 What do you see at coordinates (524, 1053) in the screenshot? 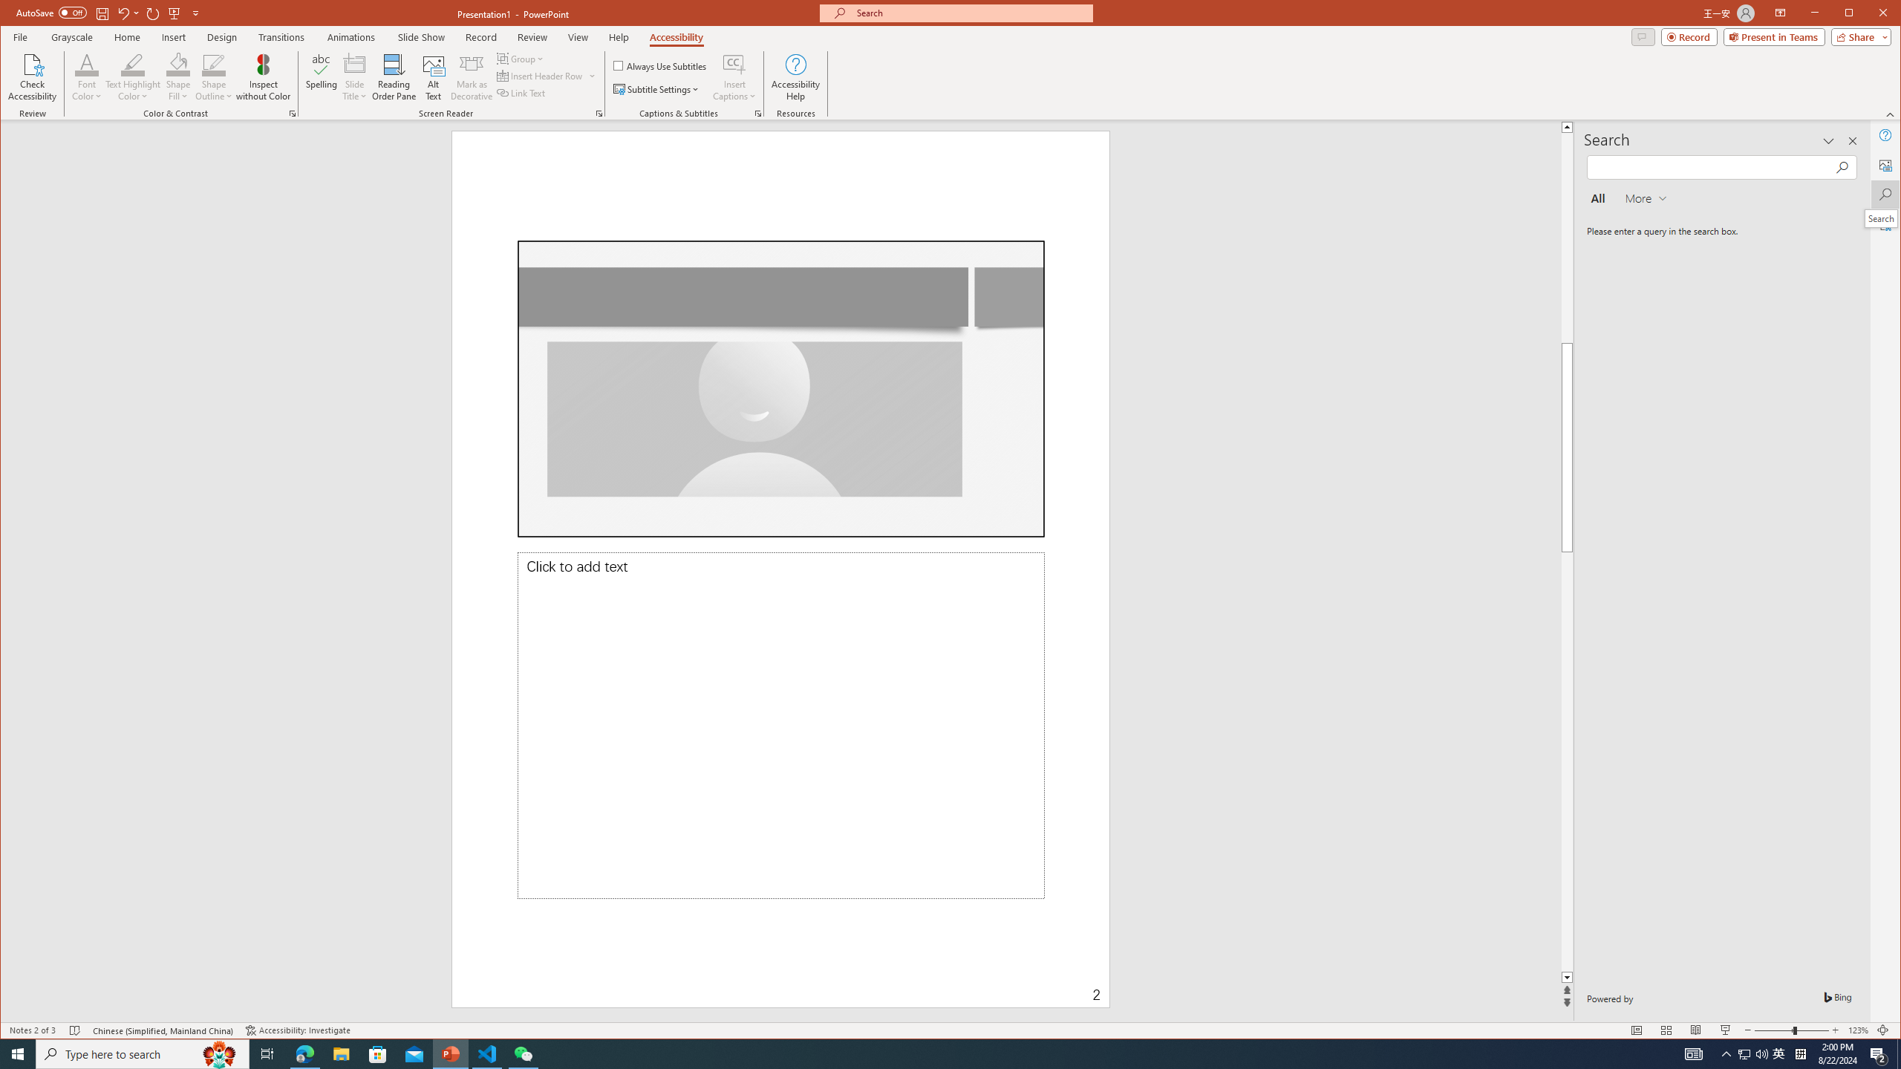
I see `'WeChat - 1 running window'` at bounding box center [524, 1053].